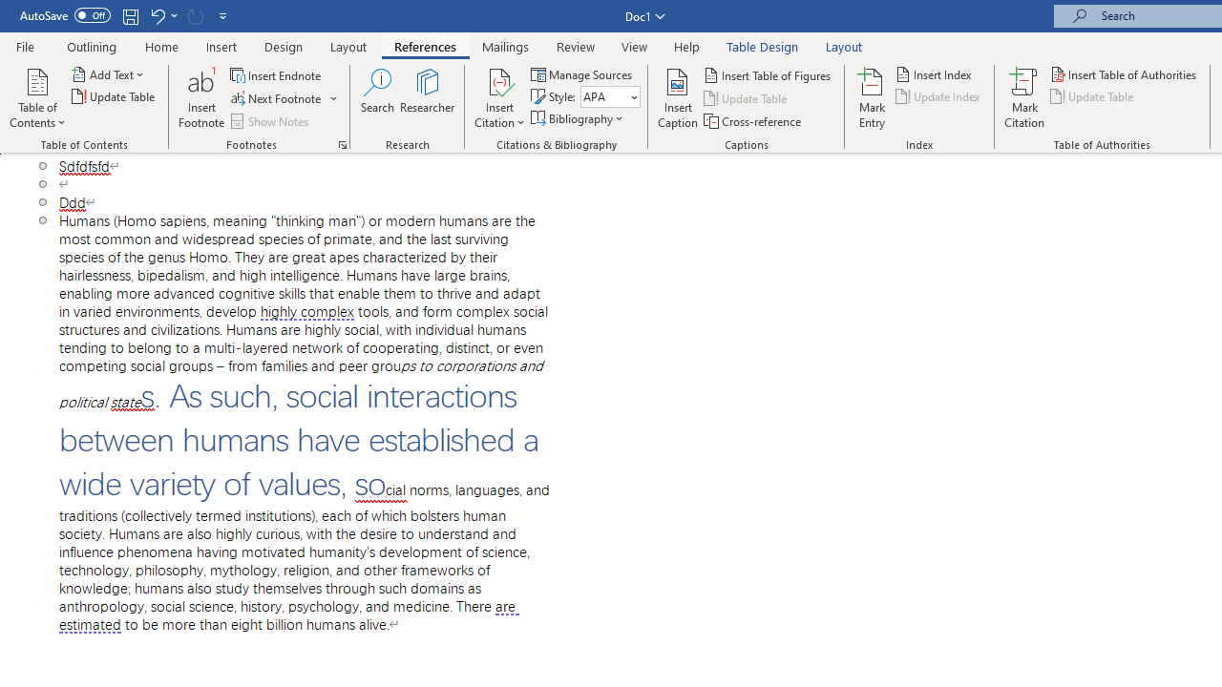 Image resolution: width=1222 pixels, height=687 pixels. I want to click on 'Insert Index...', so click(935, 73).